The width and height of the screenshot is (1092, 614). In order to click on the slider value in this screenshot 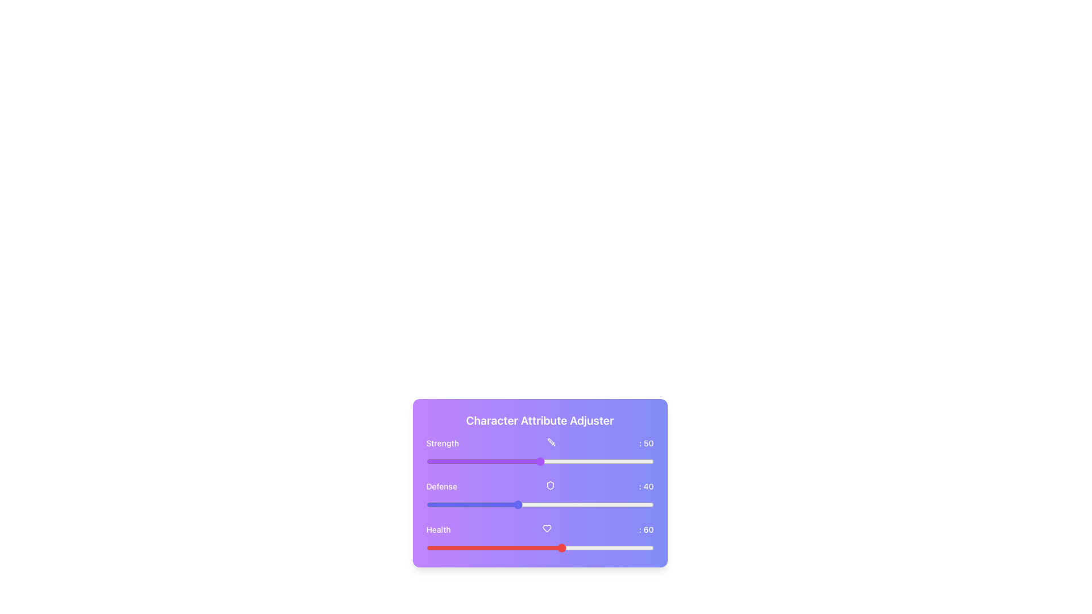, I will do `click(453, 504)`.